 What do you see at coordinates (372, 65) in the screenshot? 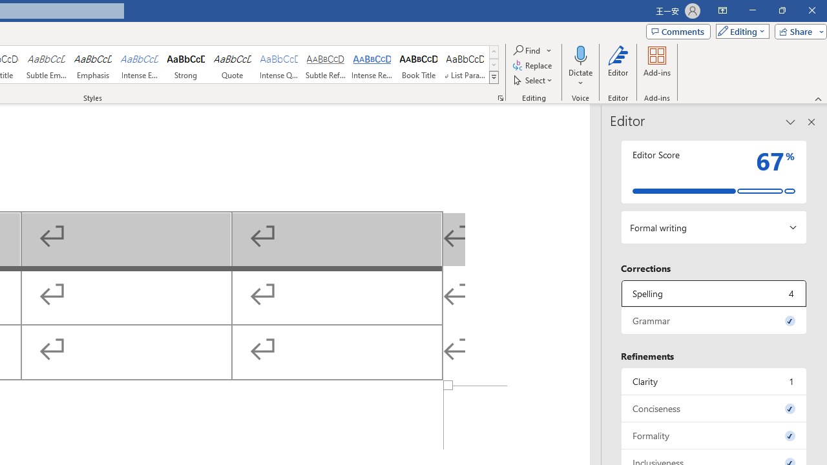
I see `'Intense Reference'` at bounding box center [372, 65].